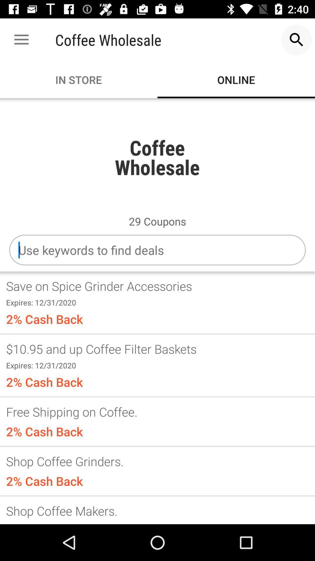  I want to click on the icon next to coffee wholesale icon, so click(21, 39).